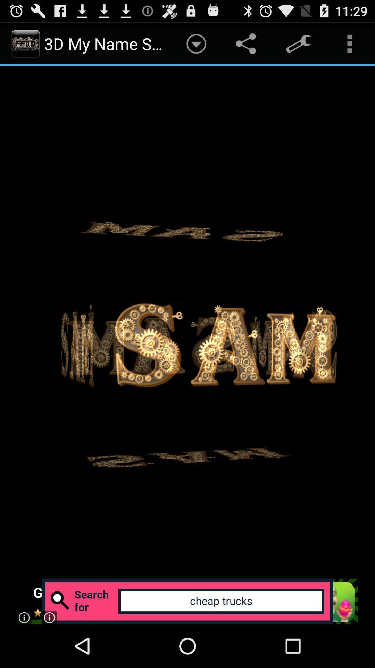  I want to click on advanced search, so click(187, 601).